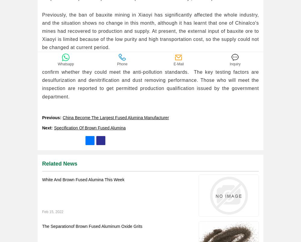  Describe the element at coordinates (235, 71) in the screenshot. I see `'Inquiry'` at that location.